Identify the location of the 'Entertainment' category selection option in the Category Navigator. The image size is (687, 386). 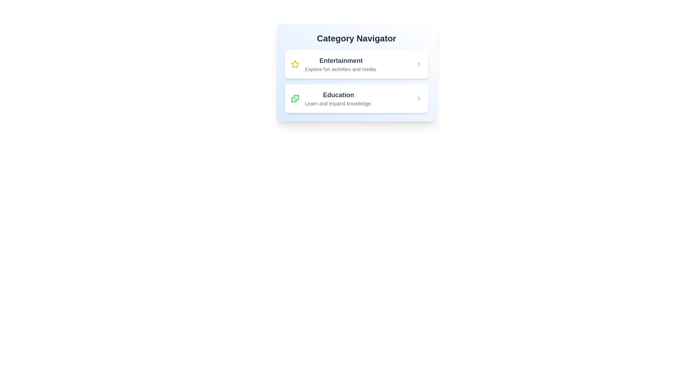
(341, 64).